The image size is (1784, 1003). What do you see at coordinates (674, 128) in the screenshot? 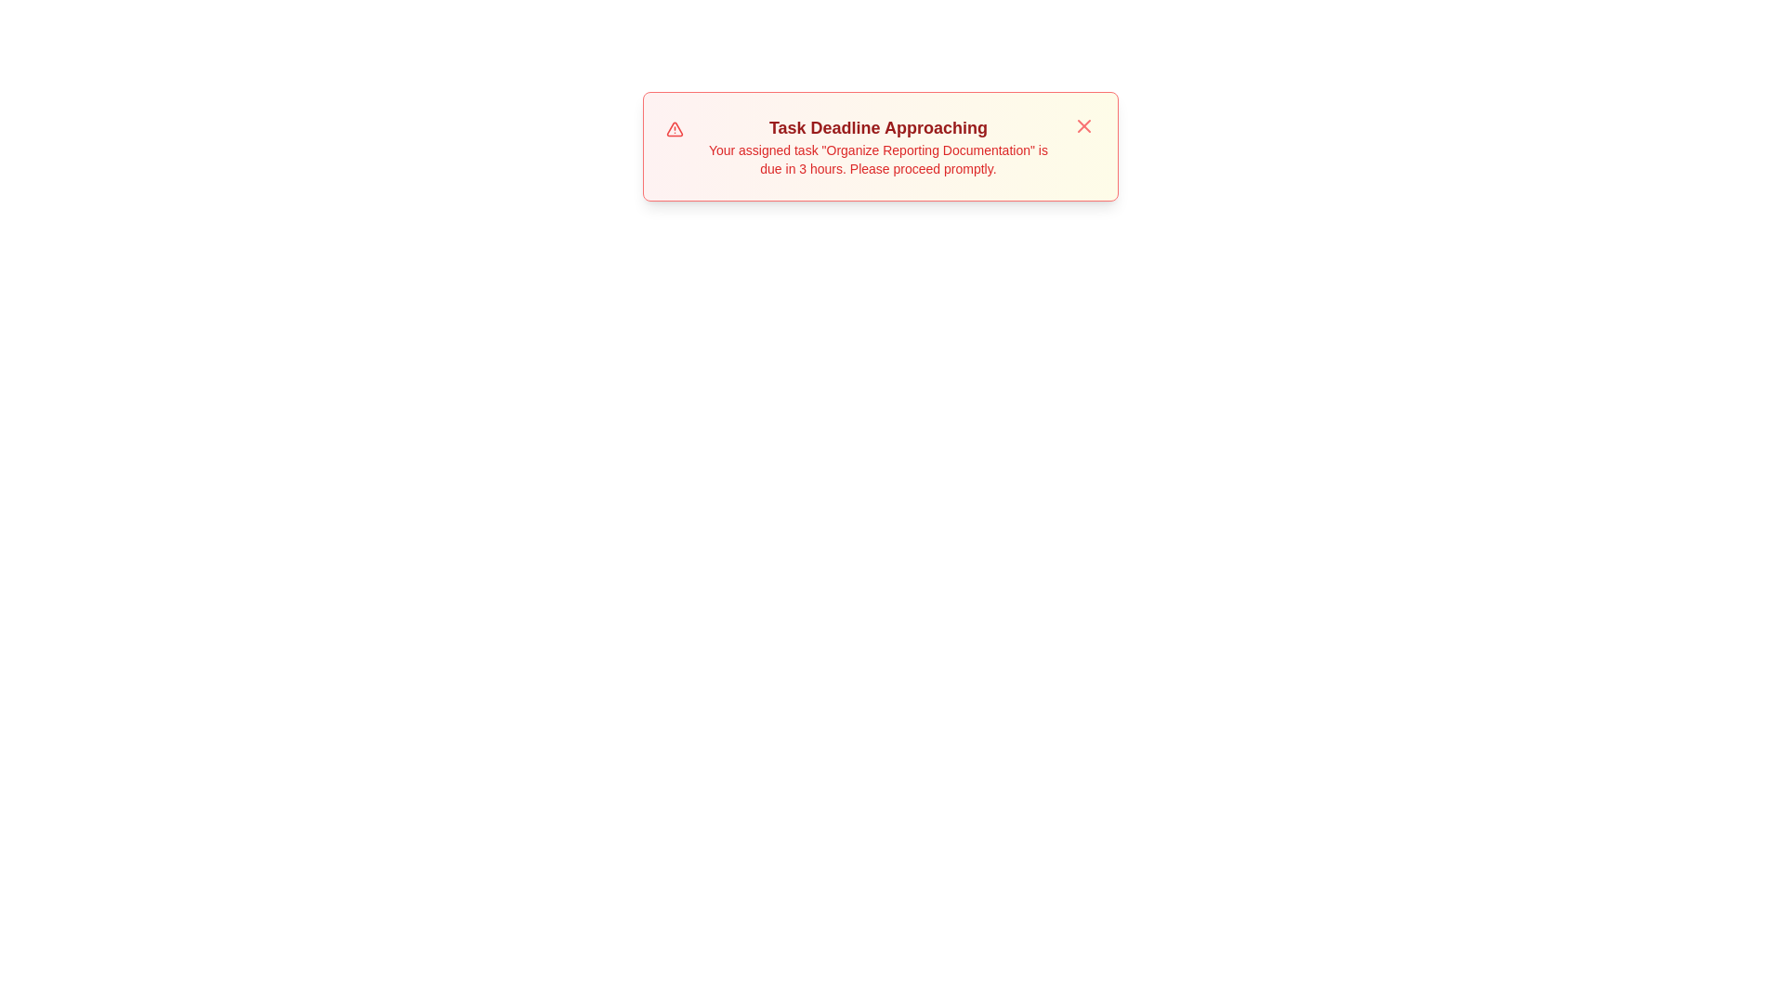
I see `the critical notification icon located at the far left of the notification box next to the heading 'Task Deadline Approaching'` at bounding box center [674, 128].